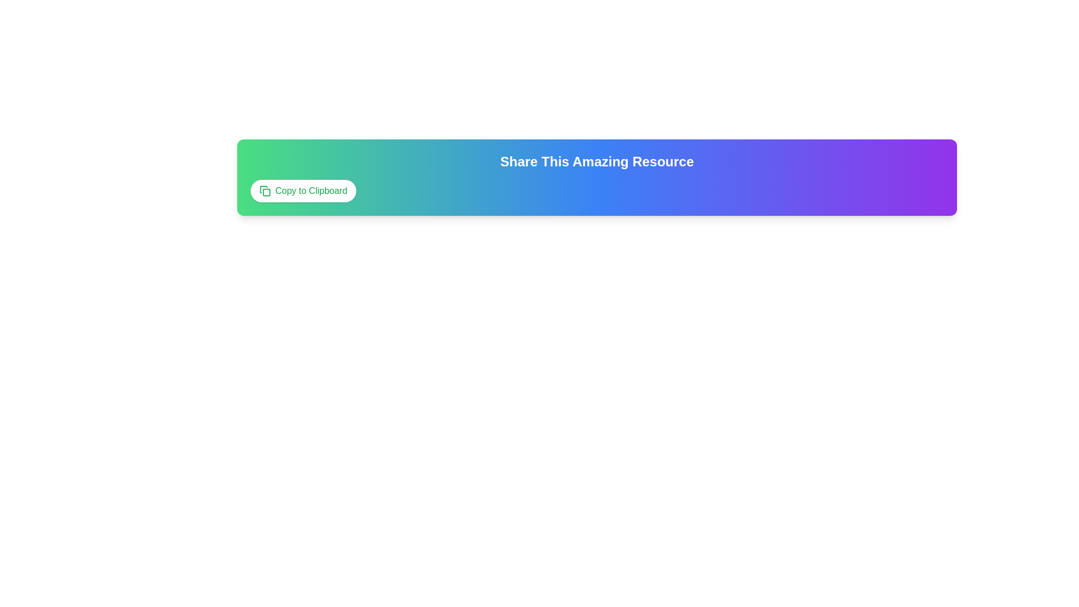 This screenshot has height=607, width=1079. What do you see at coordinates (266, 192) in the screenshot?
I see `the 'copy' icon represented by the SVG graphical element` at bounding box center [266, 192].